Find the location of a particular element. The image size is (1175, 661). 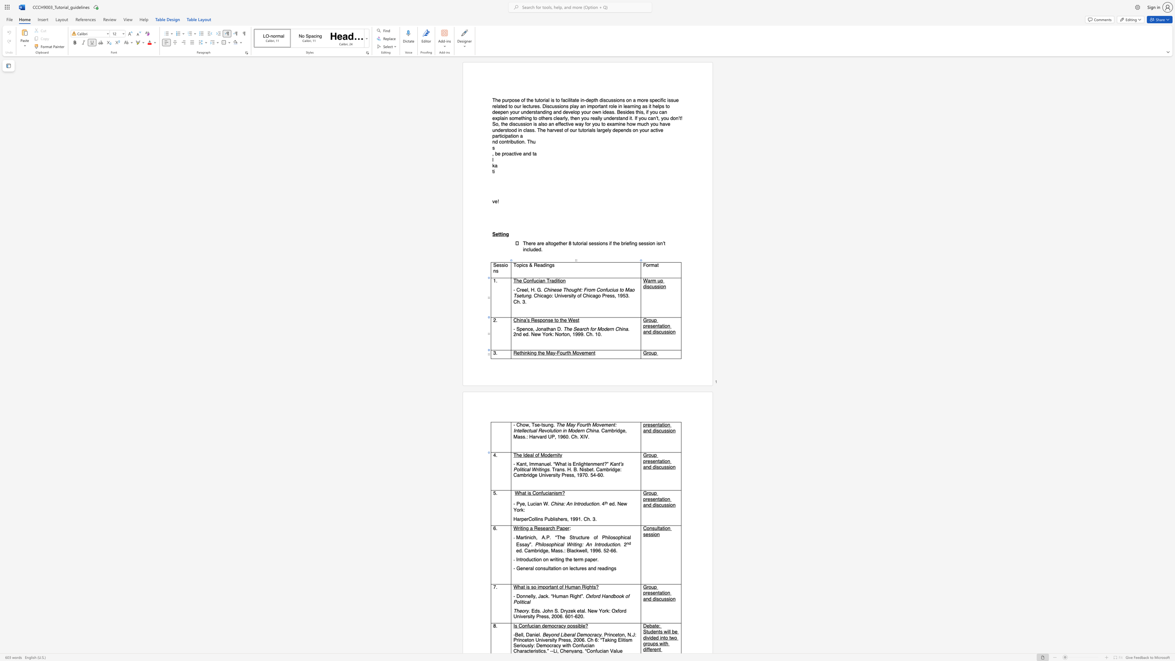

the 1th character "e" in the text is located at coordinates (538, 425).